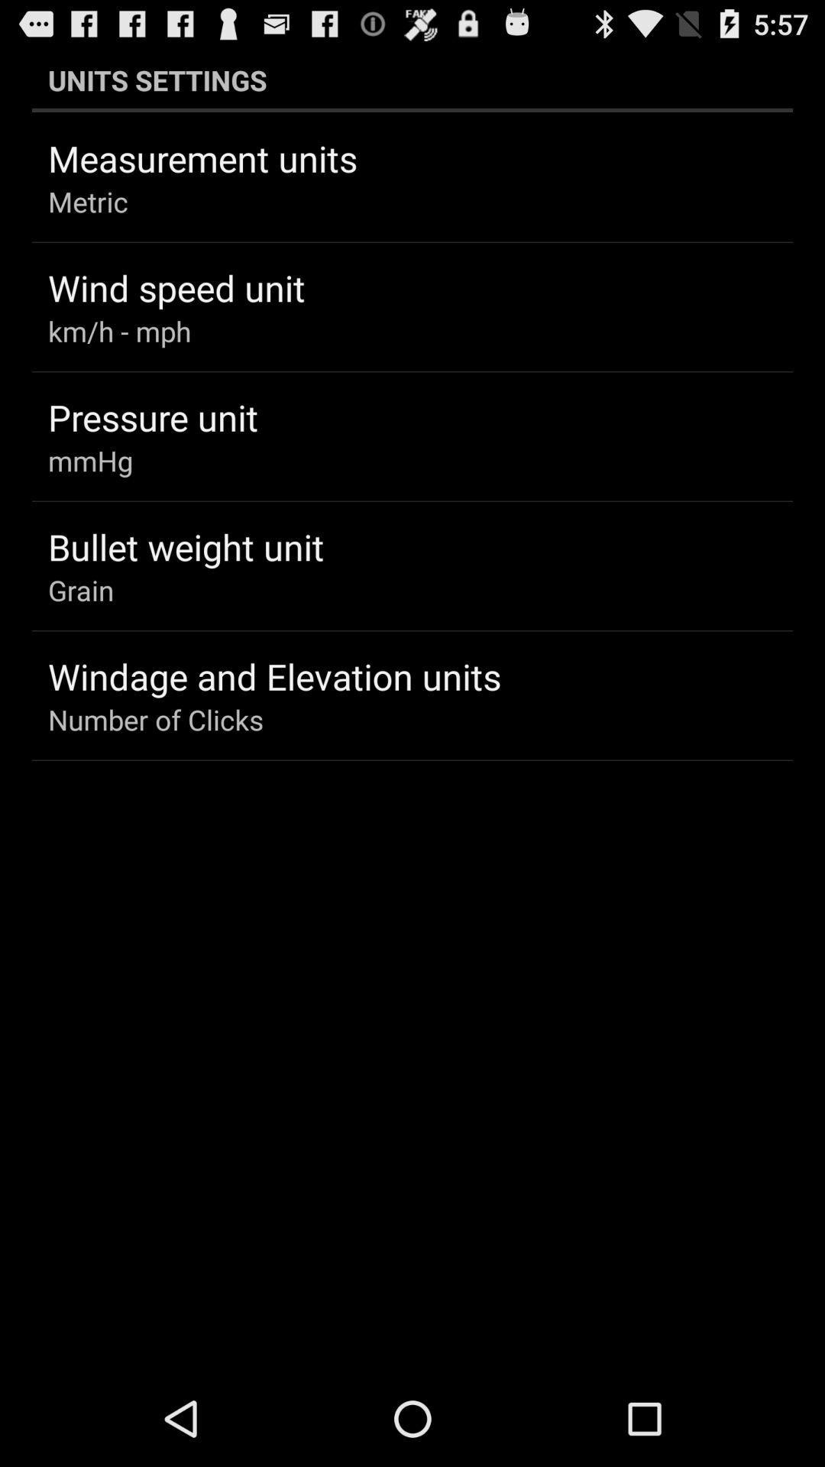 The height and width of the screenshot is (1467, 825). What do you see at coordinates (156, 718) in the screenshot?
I see `the item below the windage and elevation icon` at bounding box center [156, 718].